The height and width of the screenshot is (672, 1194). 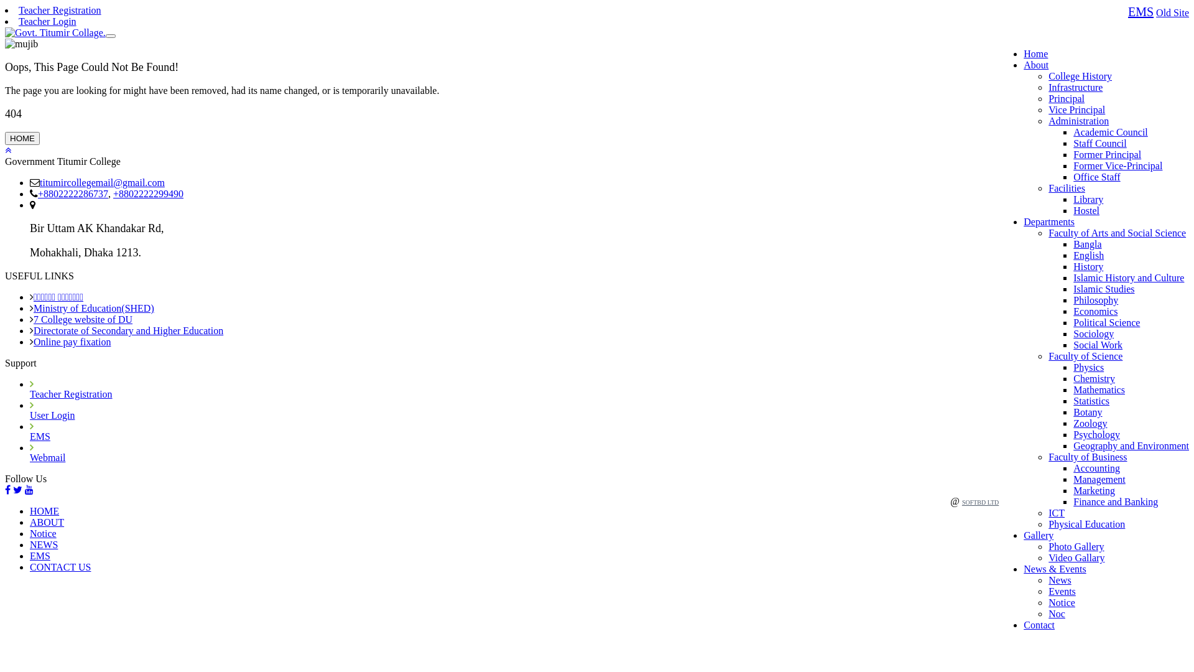 I want to click on 'ICT', so click(x=1047, y=513).